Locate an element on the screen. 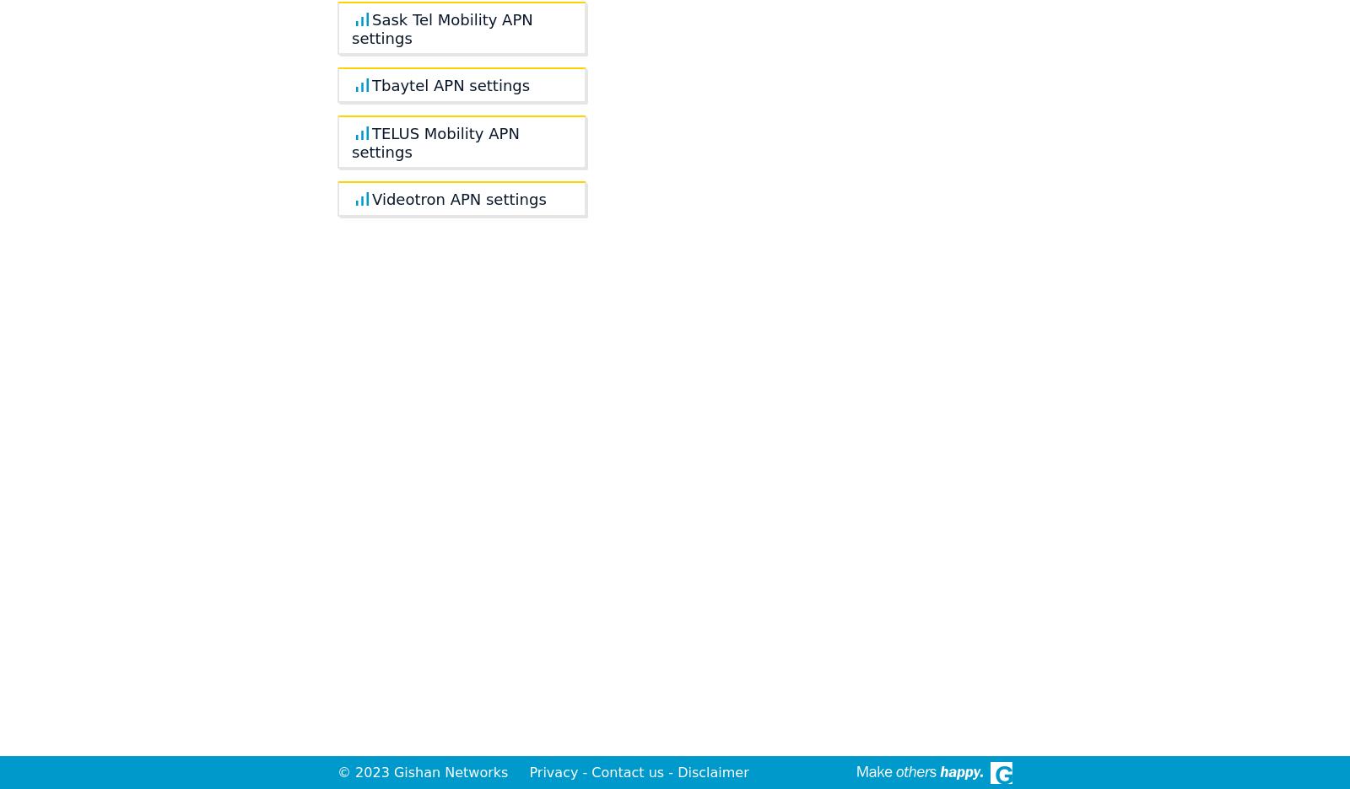 Image resolution: width=1350 pixels, height=789 pixels. '© 2023 Gishan Networks' is located at coordinates (424, 772).